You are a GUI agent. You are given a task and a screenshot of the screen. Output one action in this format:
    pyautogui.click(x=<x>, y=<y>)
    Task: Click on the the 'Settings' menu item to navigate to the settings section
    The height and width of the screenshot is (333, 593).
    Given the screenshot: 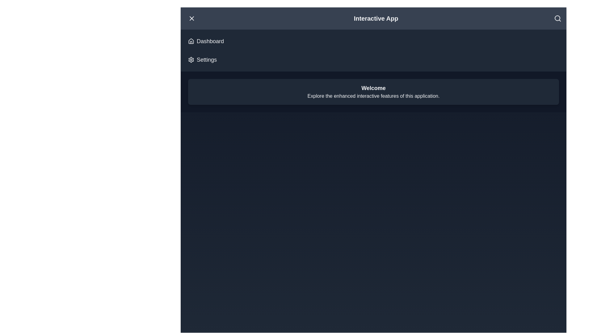 What is the action you would take?
    pyautogui.click(x=202, y=60)
    